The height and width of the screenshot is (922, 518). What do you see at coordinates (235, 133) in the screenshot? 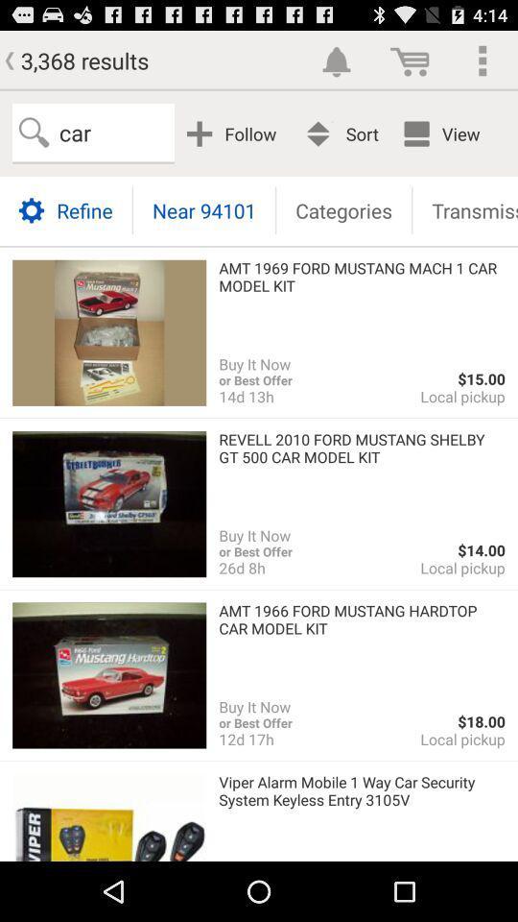
I see `app to the right of car app` at bounding box center [235, 133].